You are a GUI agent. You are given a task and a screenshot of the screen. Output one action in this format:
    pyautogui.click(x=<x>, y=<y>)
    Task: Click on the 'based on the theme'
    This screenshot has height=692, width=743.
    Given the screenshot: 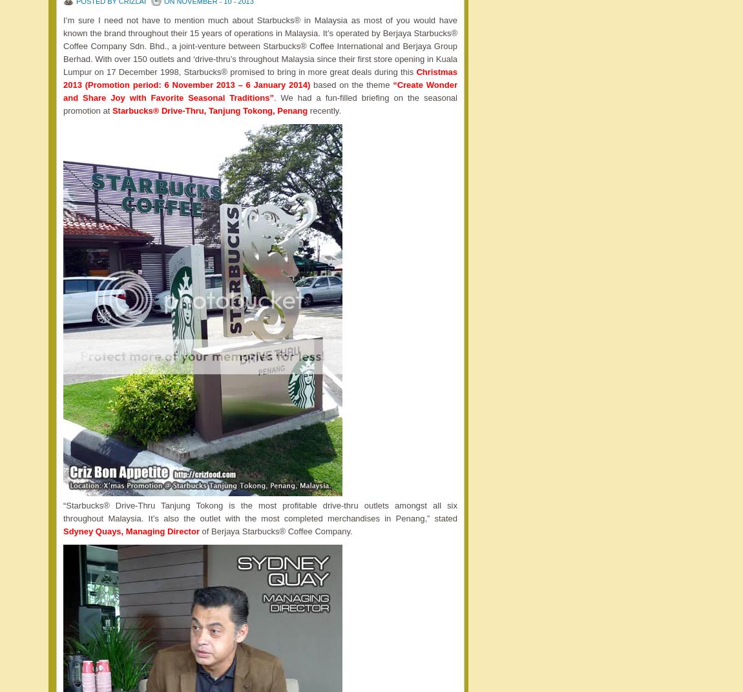 What is the action you would take?
    pyautogui.click(x=351, y=85)
    